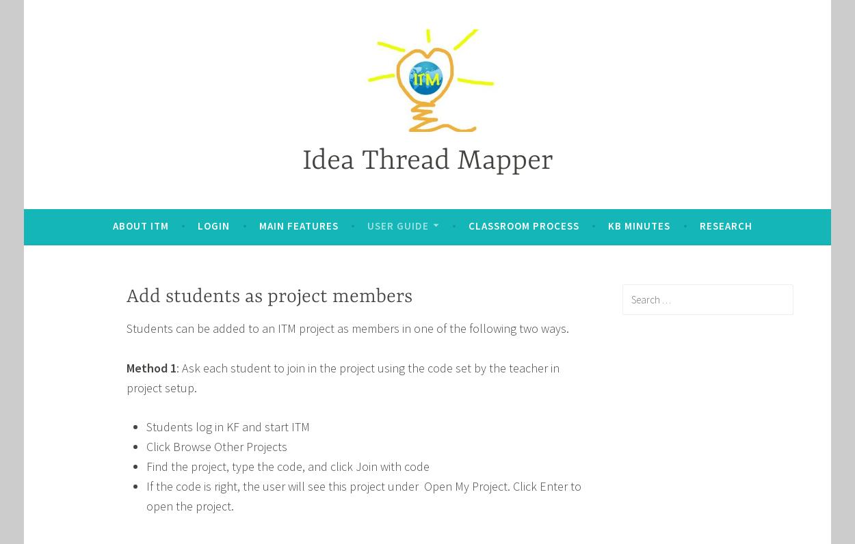 Image resolution: width=855 pixels, height=544 pixels. I want to click on 'Idea Thread Mapper', so click(426, 161).